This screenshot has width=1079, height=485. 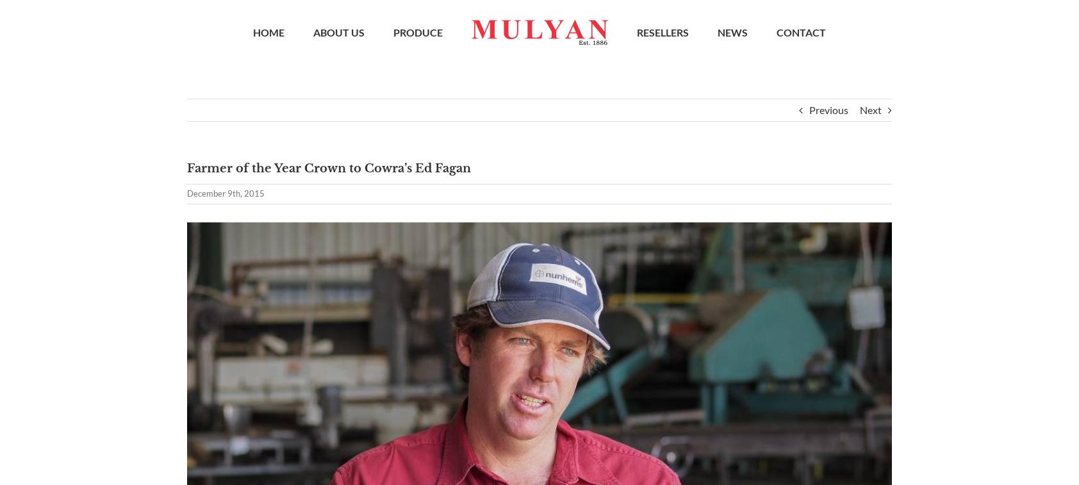 What do you see at coordinates (869, 115) in the screenshot?
I see `'Next'` at bounding box center [869, 115].